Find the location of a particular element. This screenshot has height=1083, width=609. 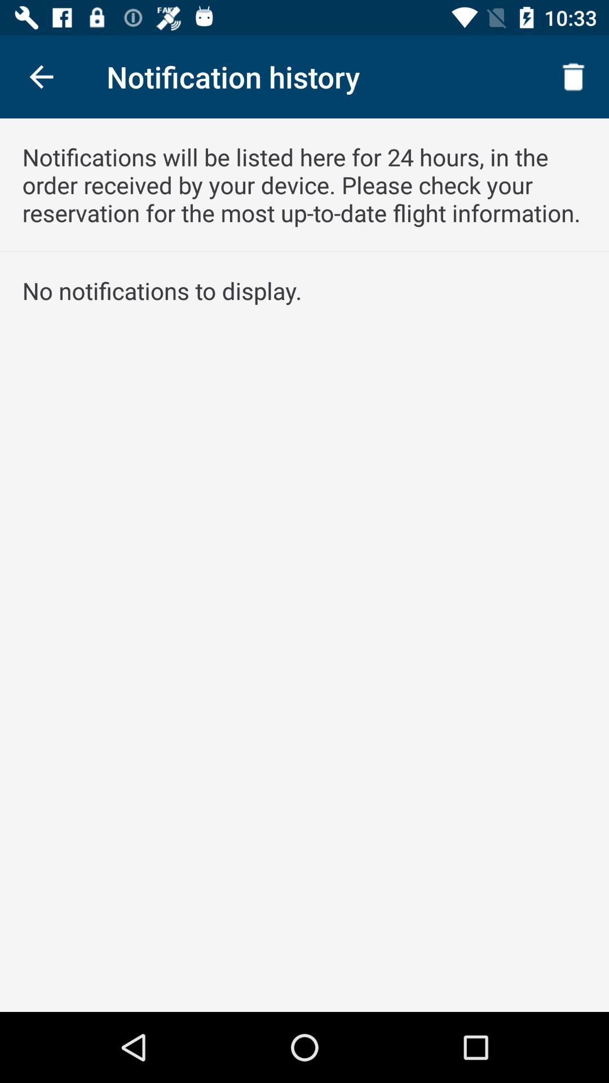

item above the notifications will be is located at coordinates (573, 76).